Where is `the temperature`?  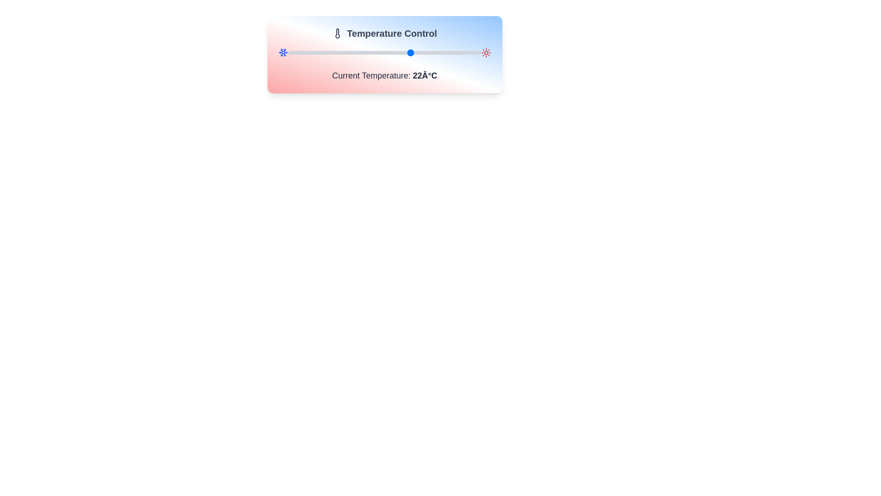 the temperature is located at coordinates (407, 53).